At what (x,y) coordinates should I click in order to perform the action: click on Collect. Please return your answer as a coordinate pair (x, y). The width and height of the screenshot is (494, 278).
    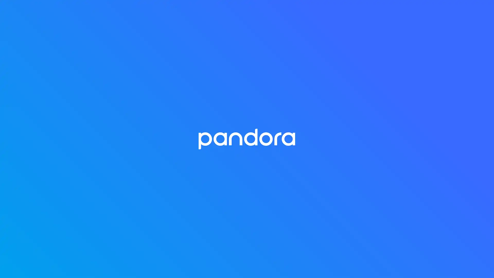
    Looking at the image, I should click on (104, 168).